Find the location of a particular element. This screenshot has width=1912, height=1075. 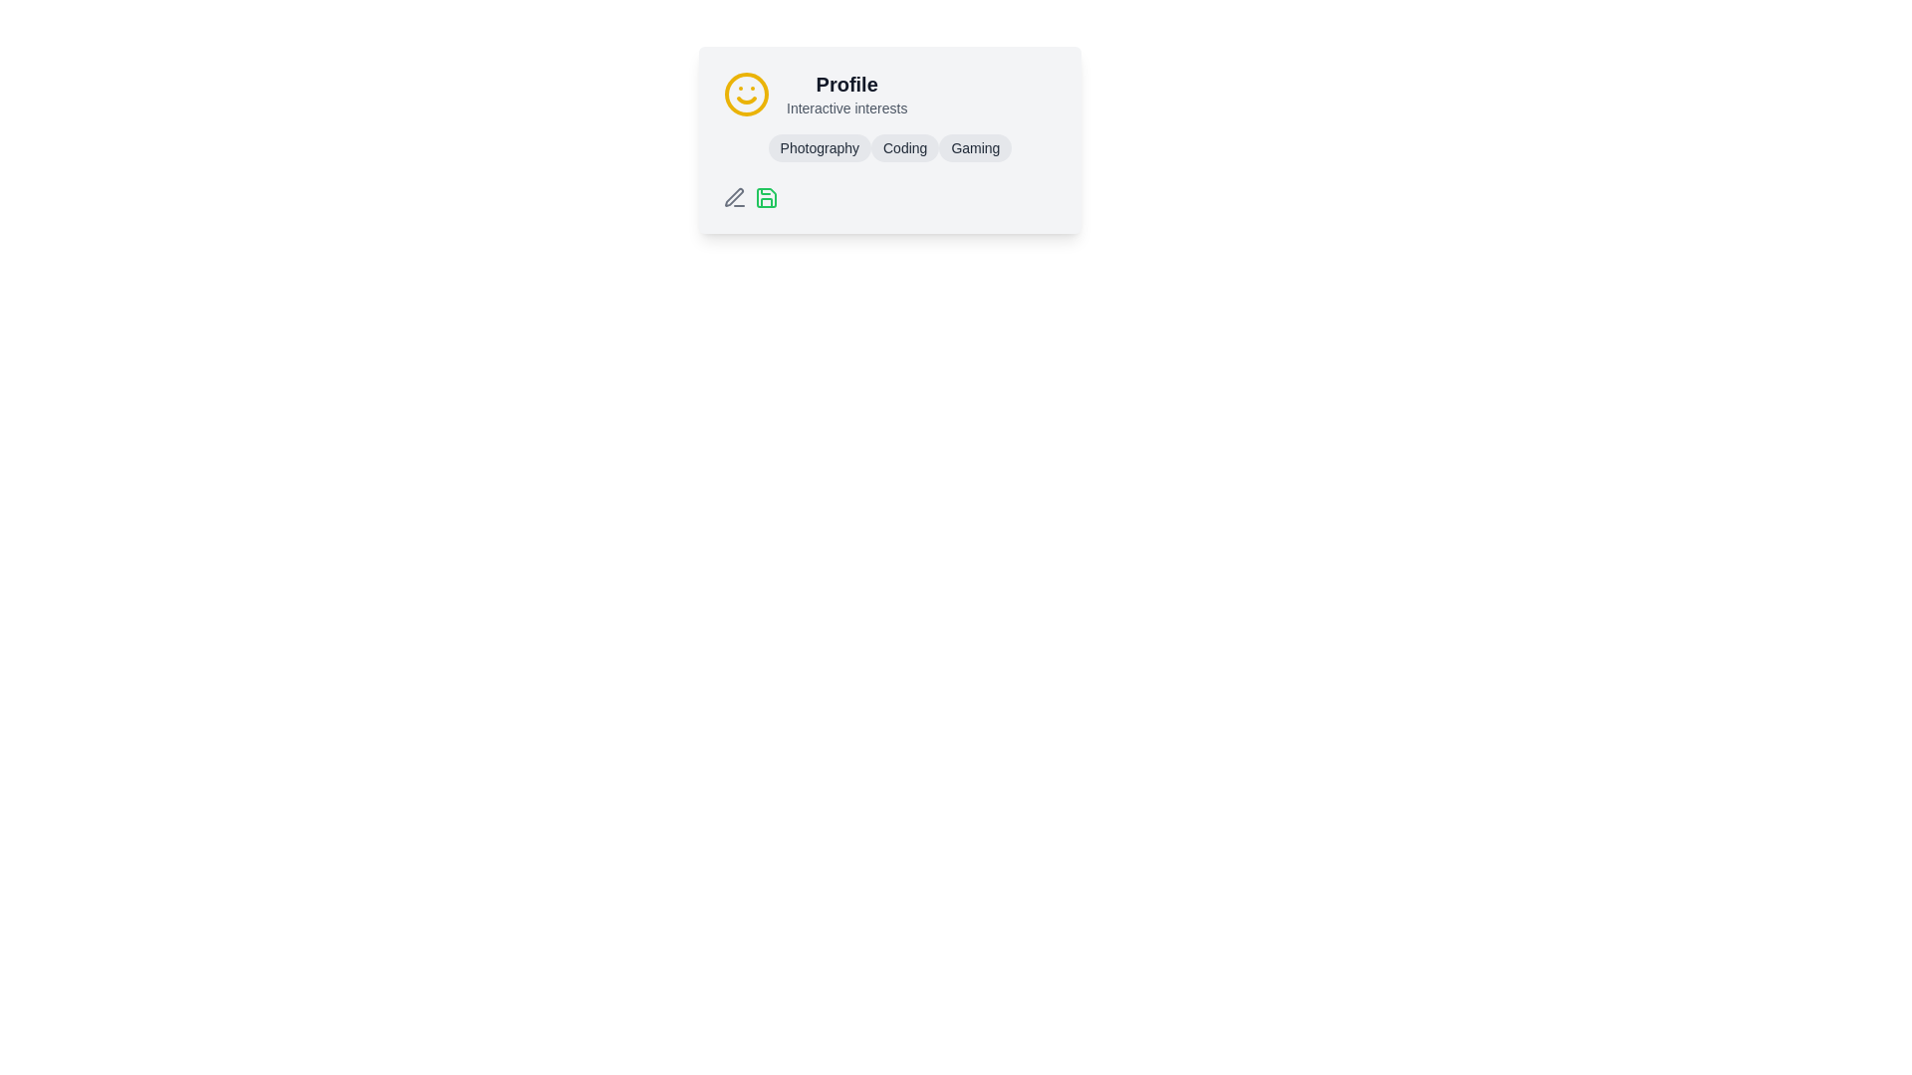

the 'Coding' tag within the Profile card is located at coordinates (888, 139).